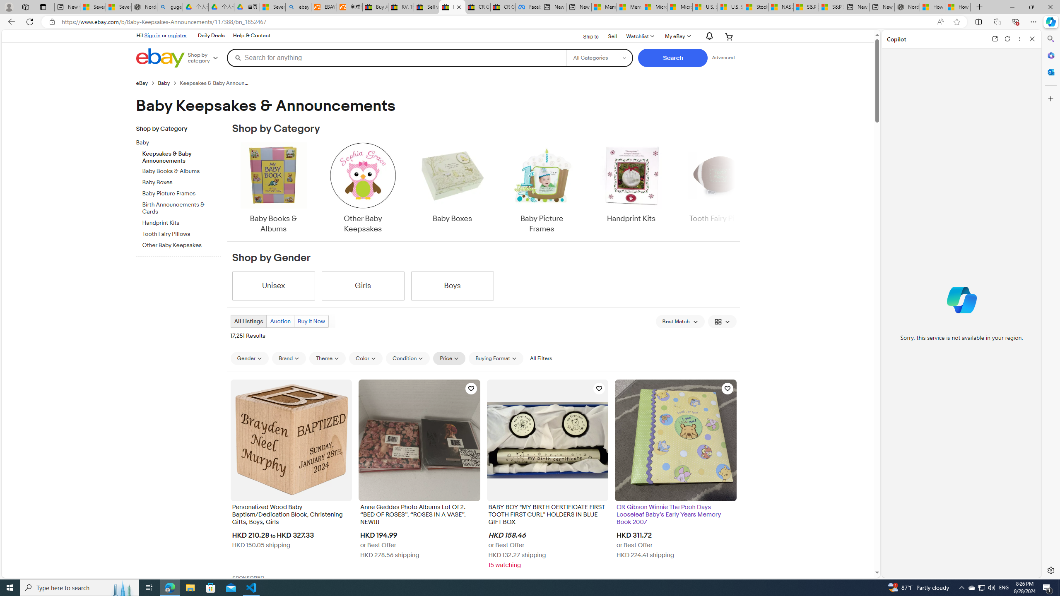 This screenshot has height=596, width=1060. Describe the element at coordinates (994, 38) in the screenshot. I see `'Open link in new tab'` at that location.